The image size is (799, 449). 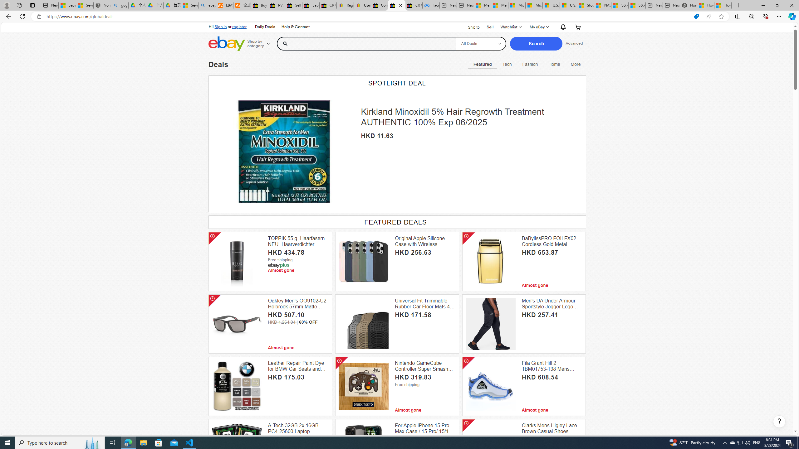 I want to click on 'Fashion', so click(x=530, y=64).